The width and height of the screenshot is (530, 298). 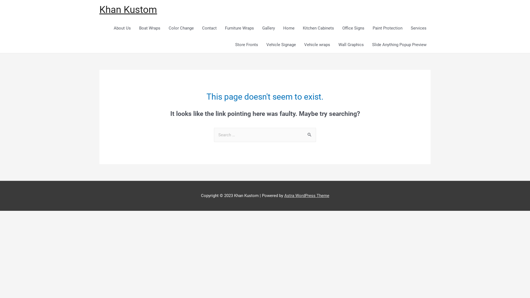 What do you see at coordinates (122, 28) in the screenshot?
I see `'About Us'` at bounding box center [122, 28].